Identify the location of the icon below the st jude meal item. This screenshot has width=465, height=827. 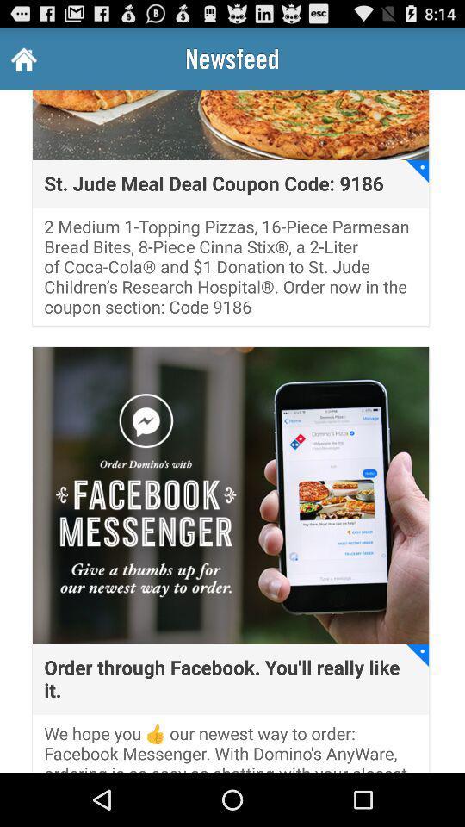
(231, 271).